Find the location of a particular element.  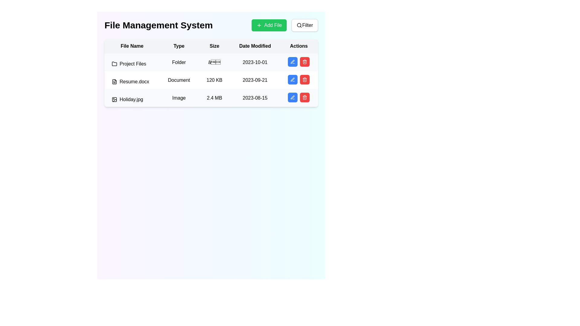

the header of the 'File Management System' which includes the title and action buttons for adding files and filtering is located at coordinates (211, 25).